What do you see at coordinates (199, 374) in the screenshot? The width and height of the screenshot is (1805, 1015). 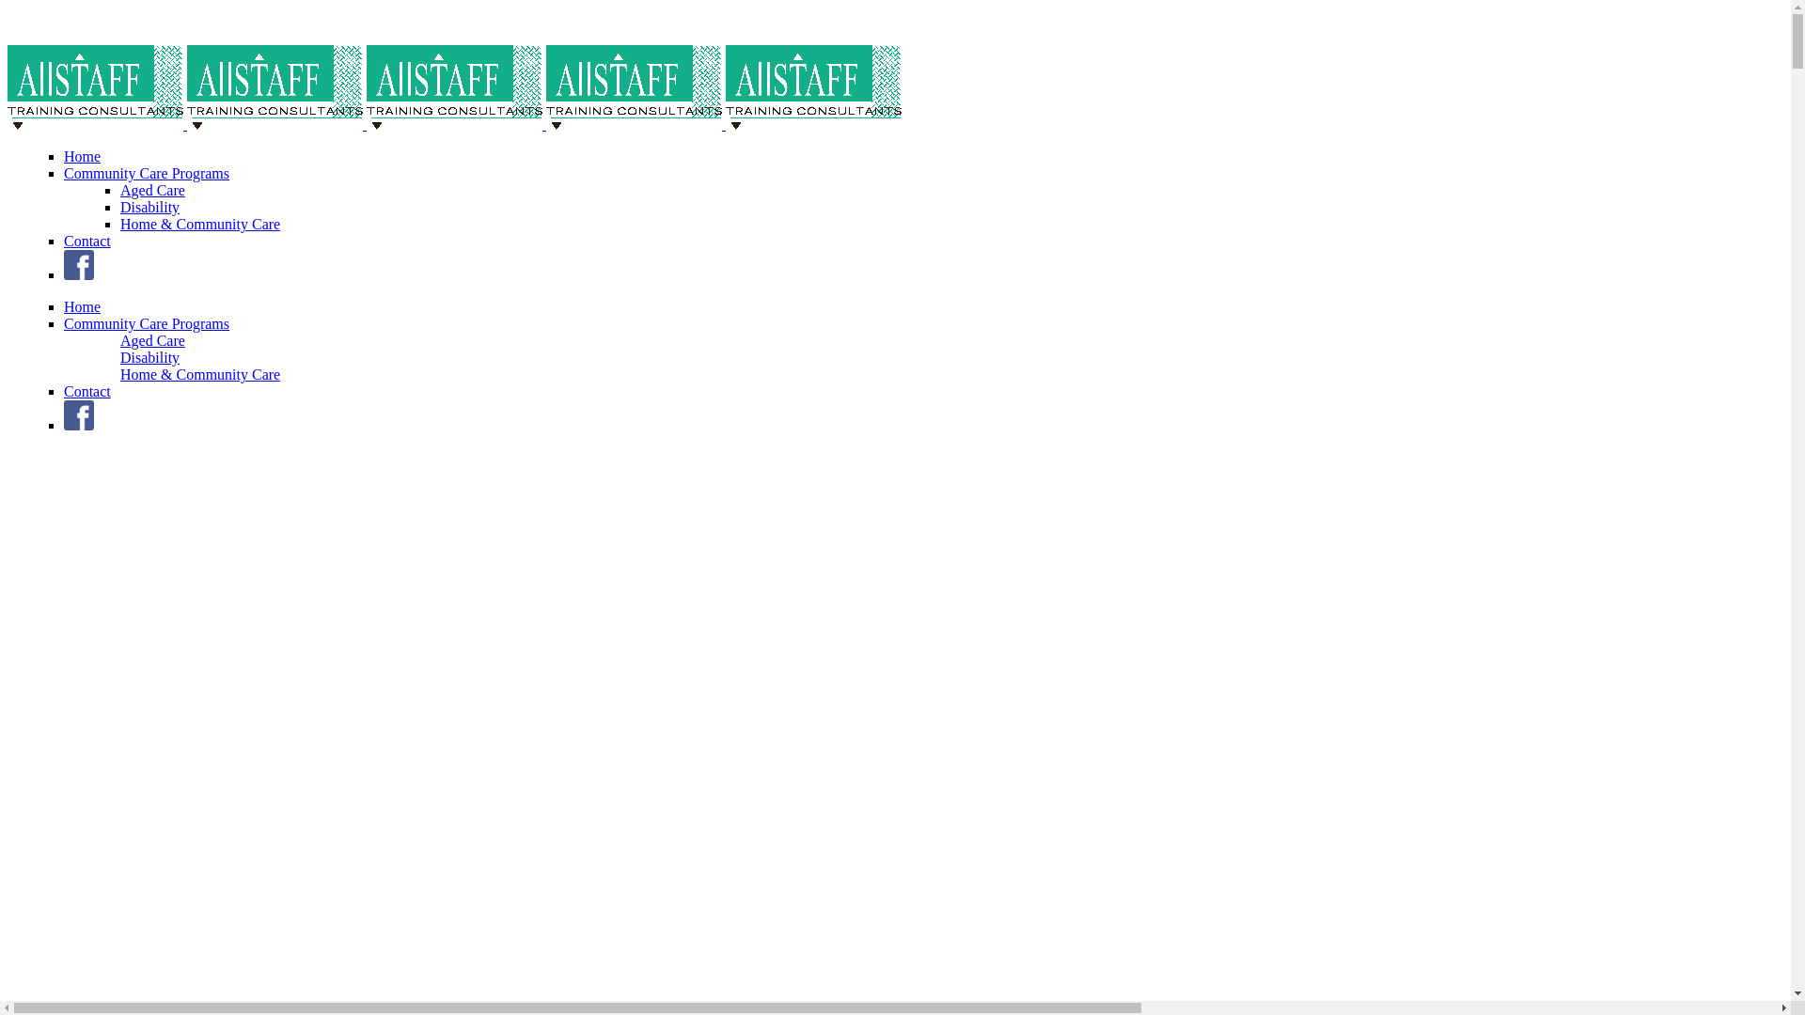 I see `'Home & Community Care'` at bounding box center [199, 374].